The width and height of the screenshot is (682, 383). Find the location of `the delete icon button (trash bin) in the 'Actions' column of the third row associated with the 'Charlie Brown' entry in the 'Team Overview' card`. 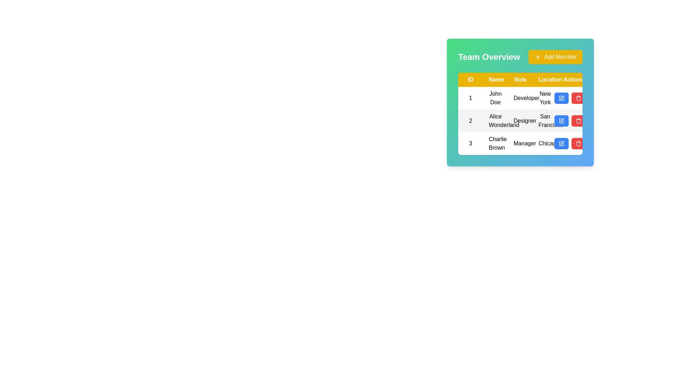

the delete icon button (trash bin) in the 'Actions' column of the third row associated with the 'Charlie Brown' entry in the 'Team Overview' card is located at coordinates (578, 98).